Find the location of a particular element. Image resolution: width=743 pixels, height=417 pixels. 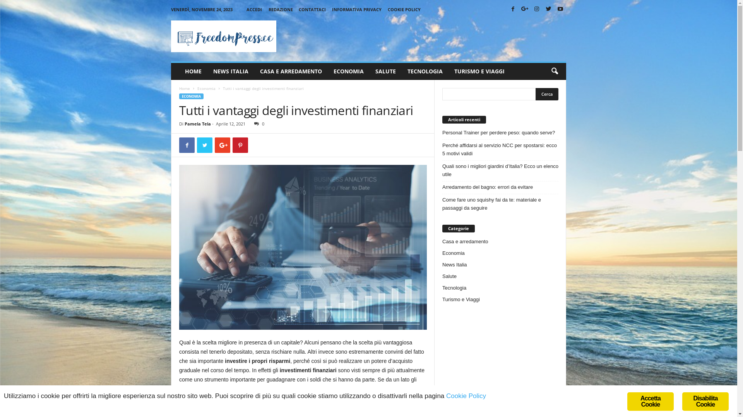

'Arredamento del bagno: errori da evitare' is located at coordinates (442, 187).